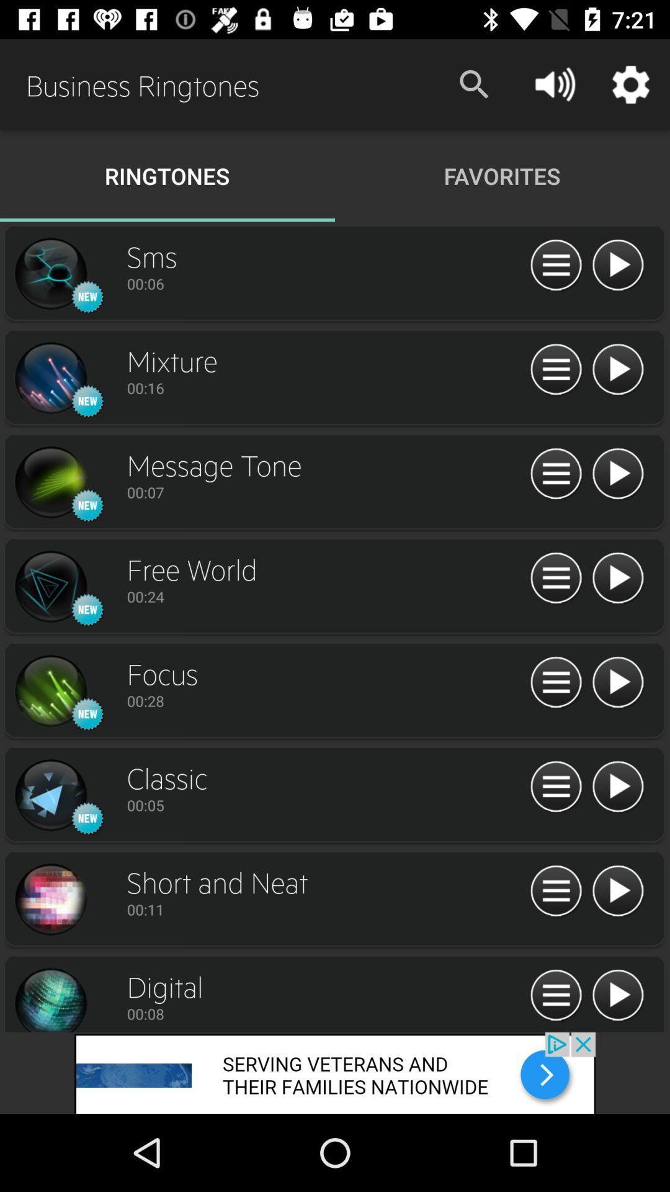  What do you see at coordinates (555, 369) in the screenshot?
I see `menu option` at bounding box center [555, 369].